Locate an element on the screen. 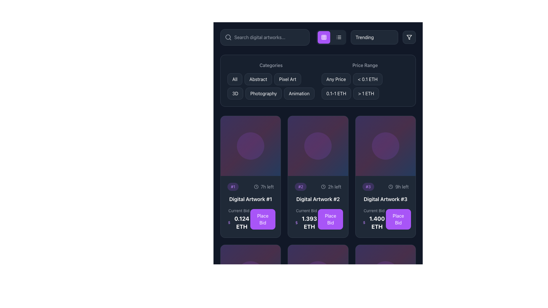 The image size is (548, 308). the text badge displaying '#3' with a purple theme, located in the upper-left area of the third card in a grid of digital artworks is located at coordinates (368, 187).